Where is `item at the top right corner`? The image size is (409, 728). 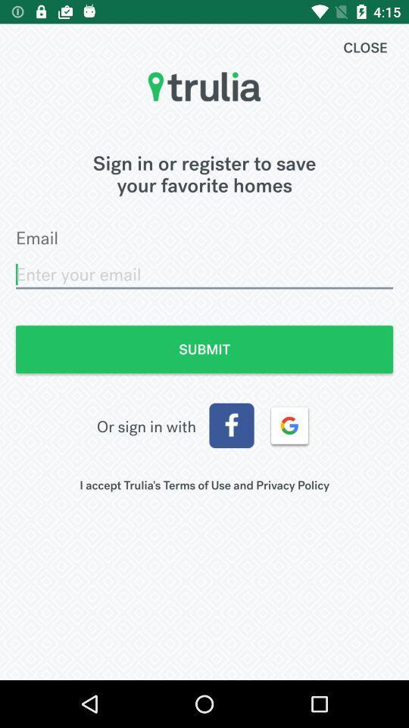 item at the top right corner is located at coordinates (364, 47).